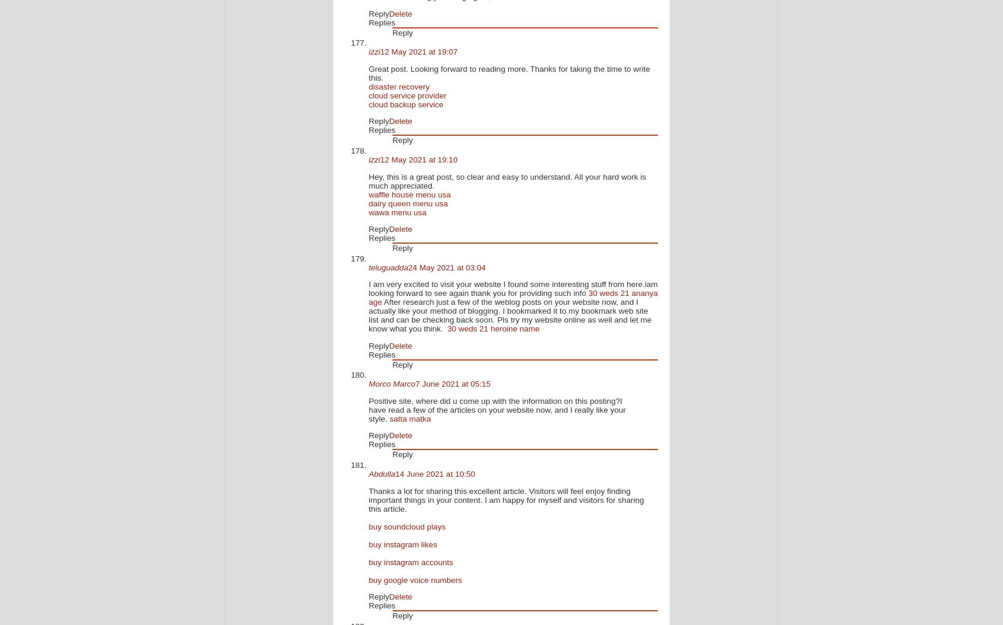  Describe the element at coordinates (512, 297) in the screenshot. I see `'30 weds 21 ananya age'` at that location.